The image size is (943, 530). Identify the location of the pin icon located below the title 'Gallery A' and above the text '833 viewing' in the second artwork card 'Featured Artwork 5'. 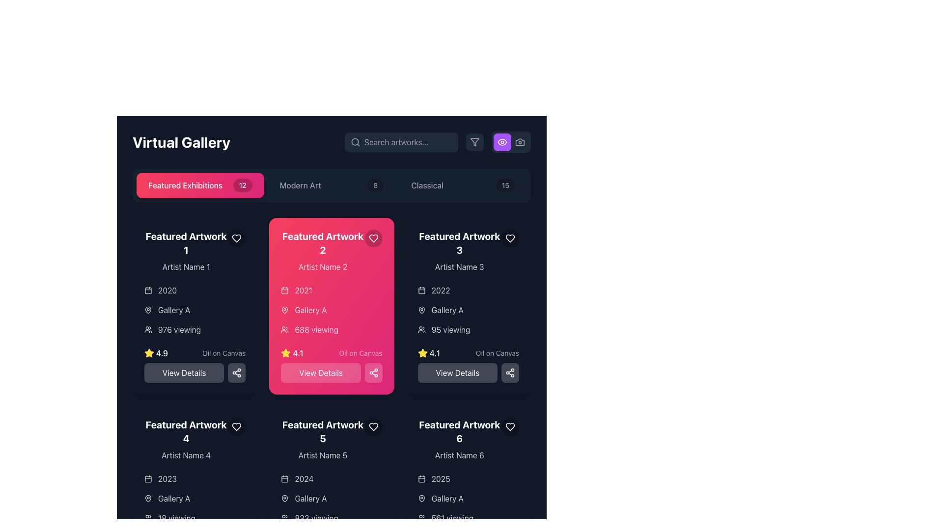
(284, 498).